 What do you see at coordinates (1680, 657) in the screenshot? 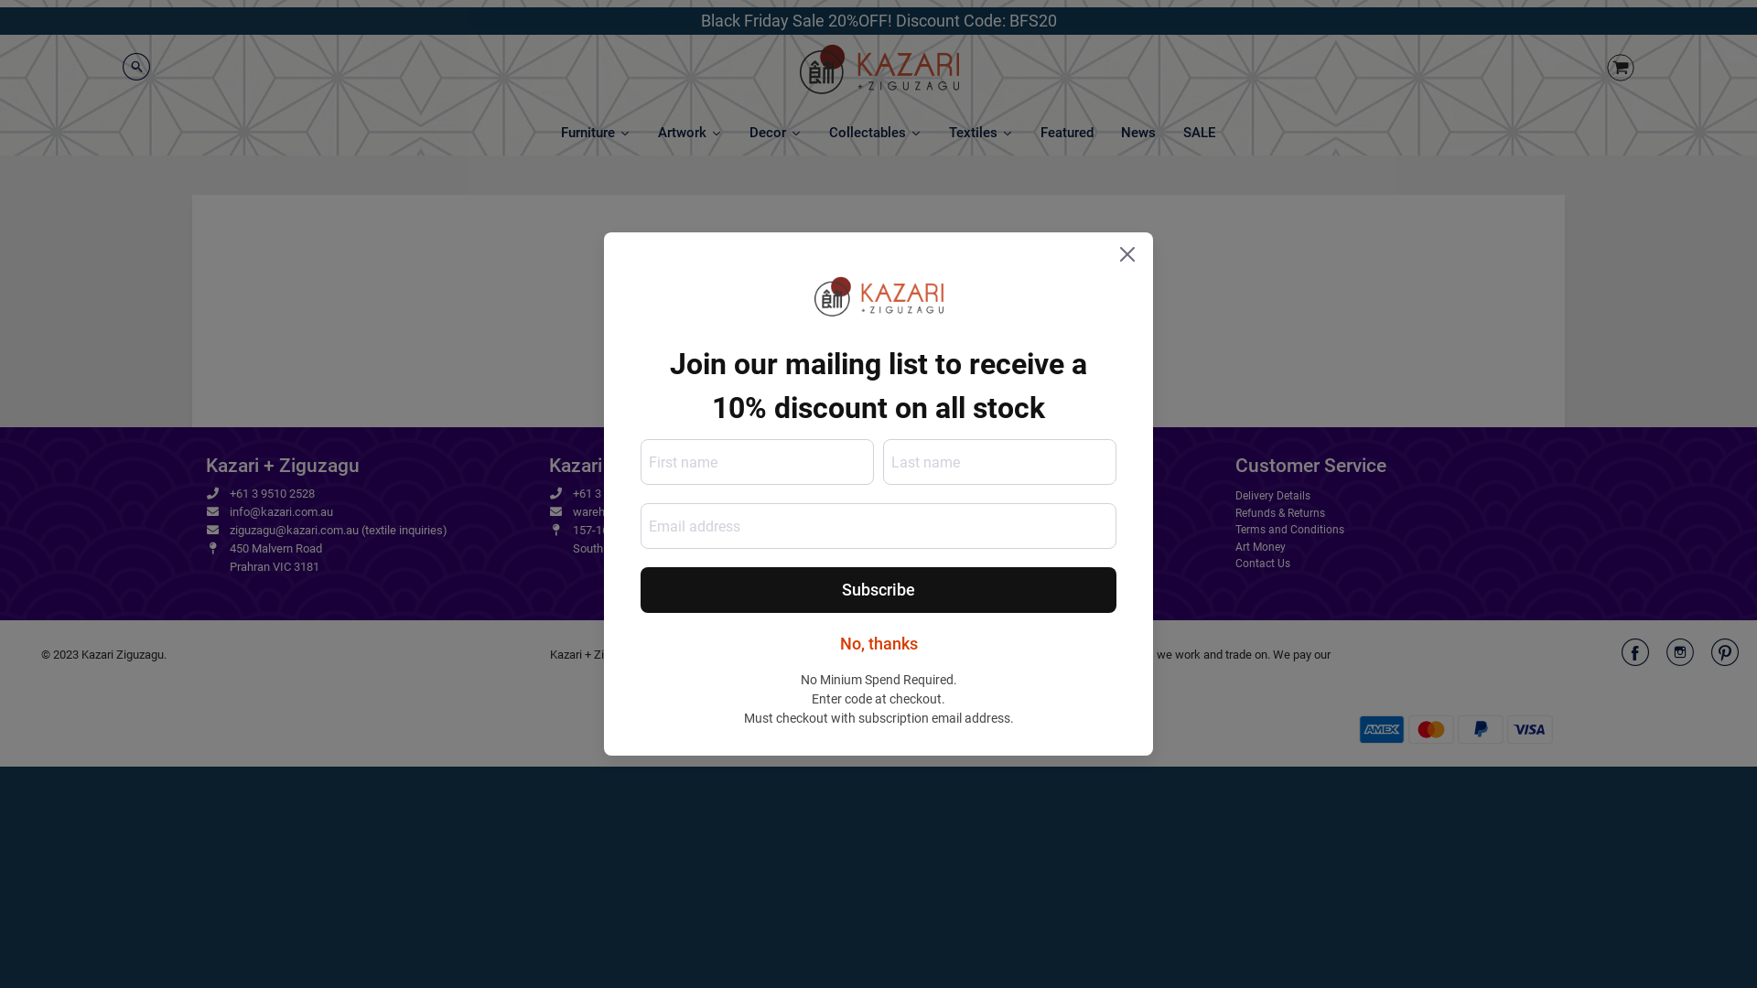
I see `'Kazari Ziguzagu on Instagram'` at bounding box center [1680, 657].